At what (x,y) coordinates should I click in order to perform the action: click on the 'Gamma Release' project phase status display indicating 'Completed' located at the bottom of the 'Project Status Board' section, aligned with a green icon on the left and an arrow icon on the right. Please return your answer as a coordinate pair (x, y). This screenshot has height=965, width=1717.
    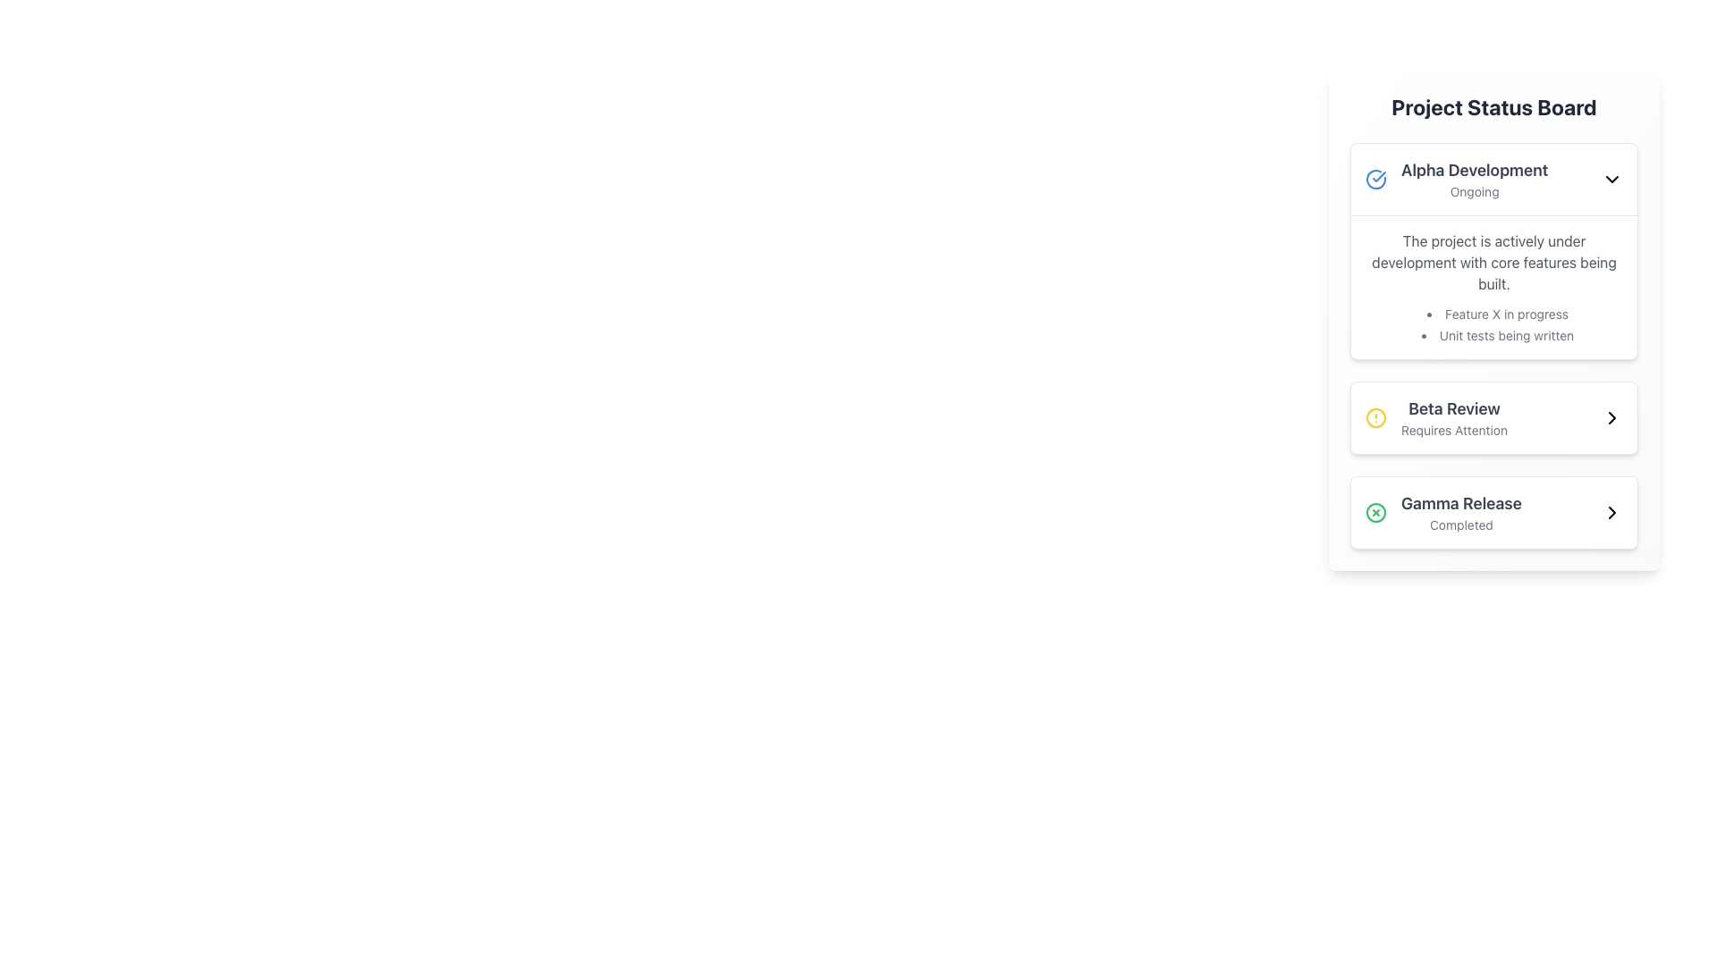
    Looking at the image, I should click on (1461, 513).